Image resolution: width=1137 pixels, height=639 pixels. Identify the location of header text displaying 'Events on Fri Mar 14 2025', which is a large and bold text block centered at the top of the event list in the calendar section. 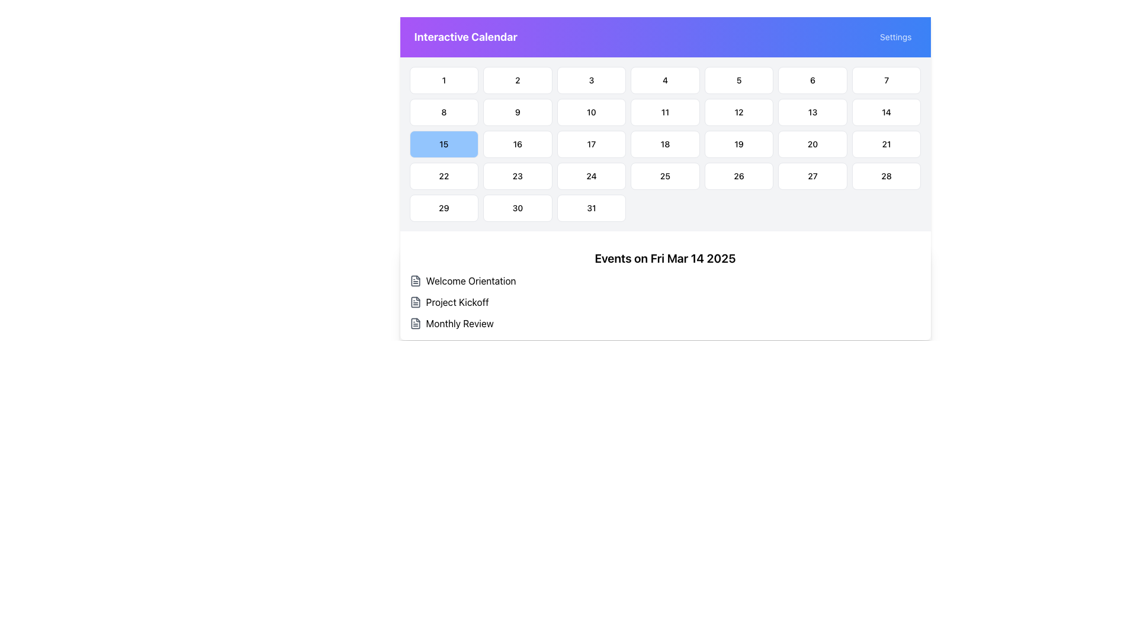
(665, 257).